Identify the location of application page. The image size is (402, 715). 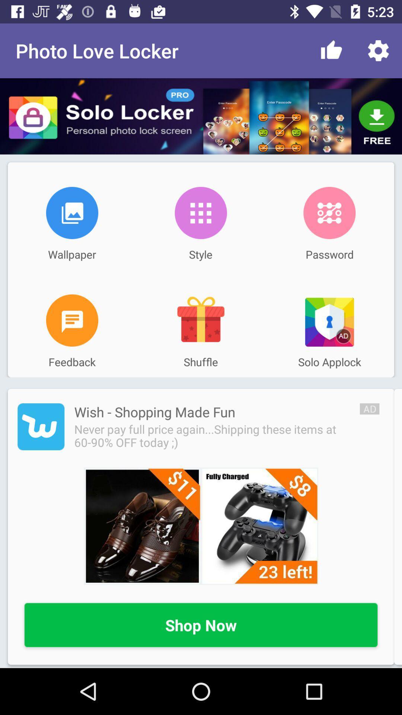
(41, 427).